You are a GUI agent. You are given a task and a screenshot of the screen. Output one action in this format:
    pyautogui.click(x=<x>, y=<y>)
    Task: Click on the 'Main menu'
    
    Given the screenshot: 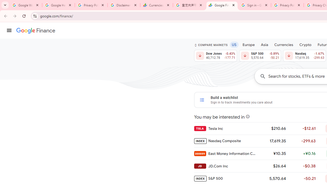 What is the action you would take?
    pyautogui.click(x=9, y=30)
    